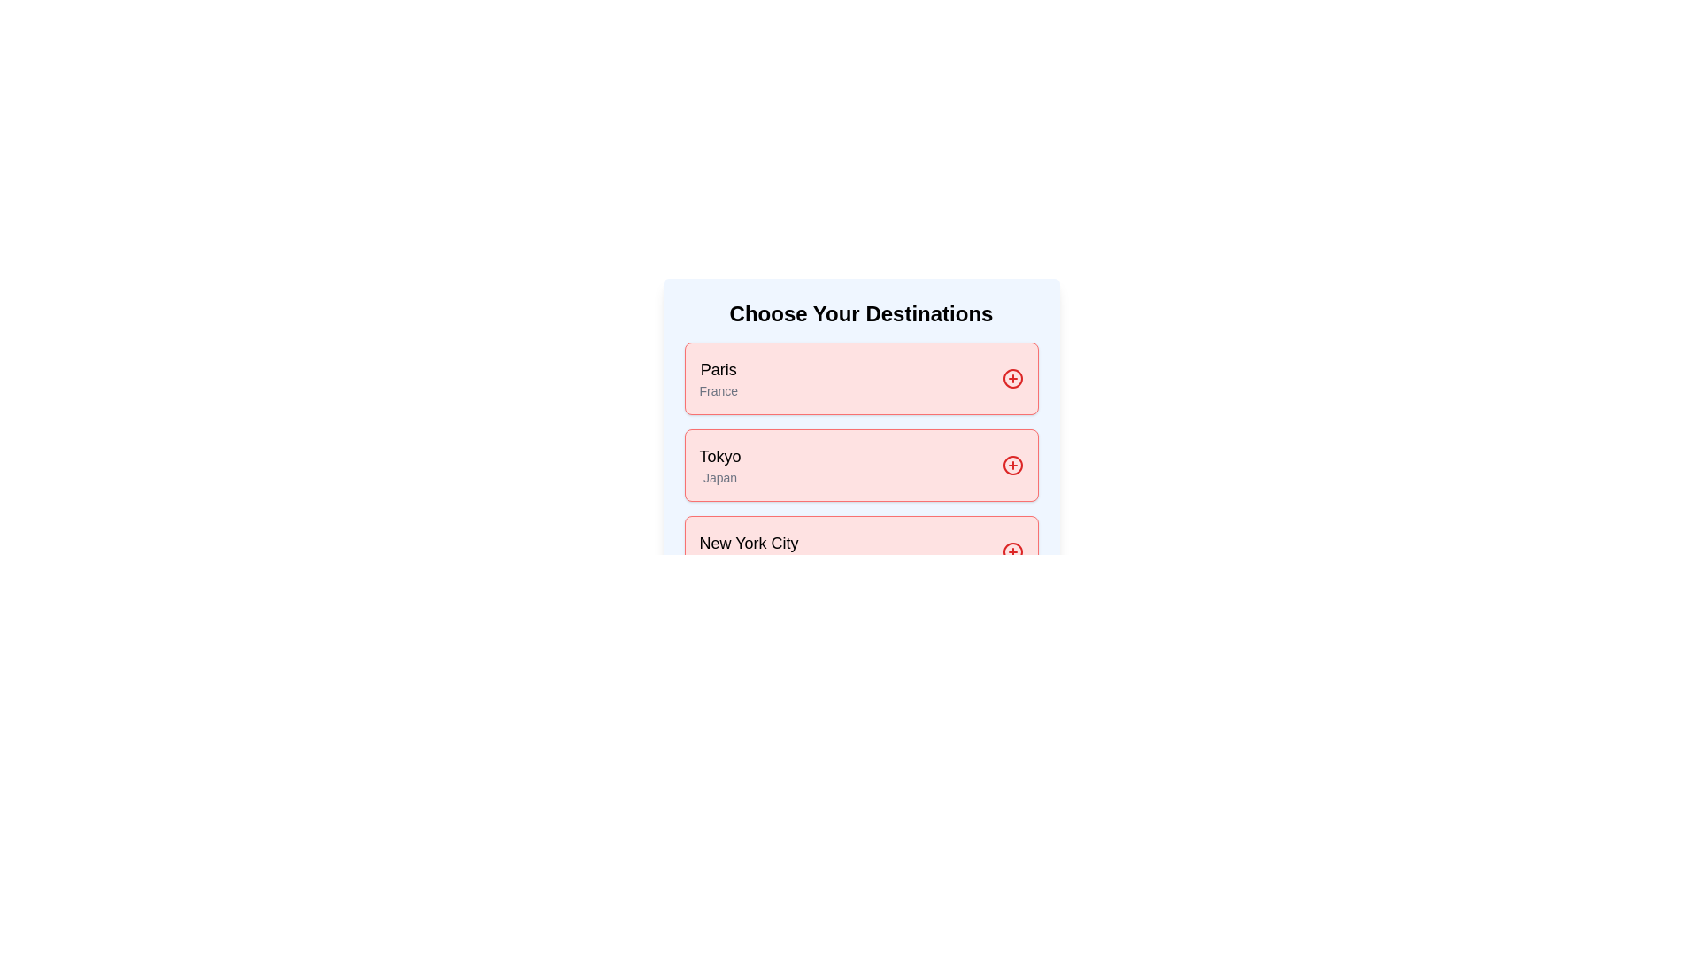 Image resolution: width=1699 pixels, height=956 pixels. What do you see at coordinates (719, 390) in the screenshot?
I see `the label displaying the text 'France', which is styled in a smaller muted gray font and located below 'Paris' within the labeled destination card` at bounding box center [719, 390].